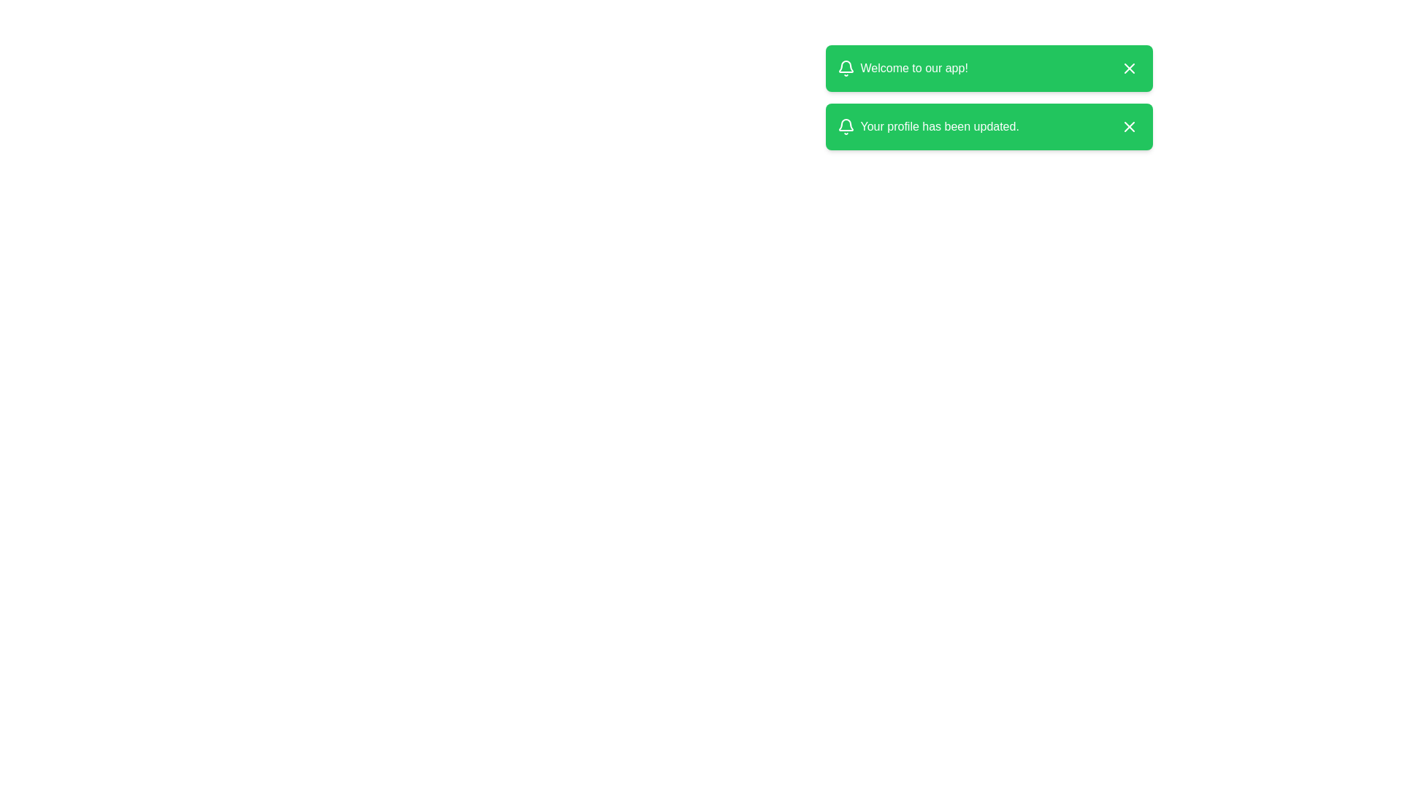 The height and width of the screenshot is (788, 1402). What do you see at coordinates (846, 125) in the screenshot?
I see `the bell-shaped notification icon located on the second green notification box next to the text 'Your profile has been updated.'` at bounding box center [846, 125].